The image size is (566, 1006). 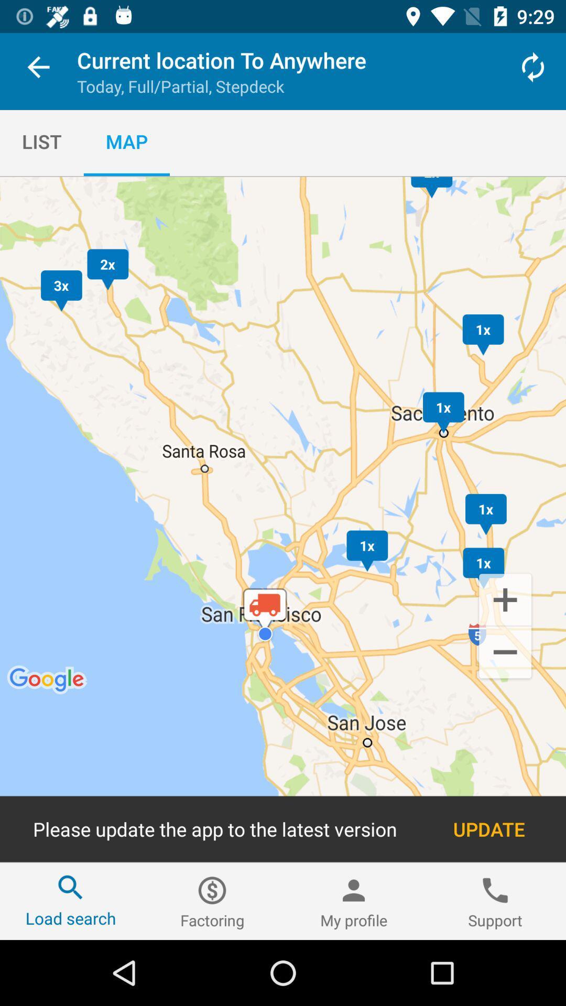 What do you see at coordinates (38, 69) in the screenshot?
I see `the item to the left of the current location to item` at bounding box center [38, 69].